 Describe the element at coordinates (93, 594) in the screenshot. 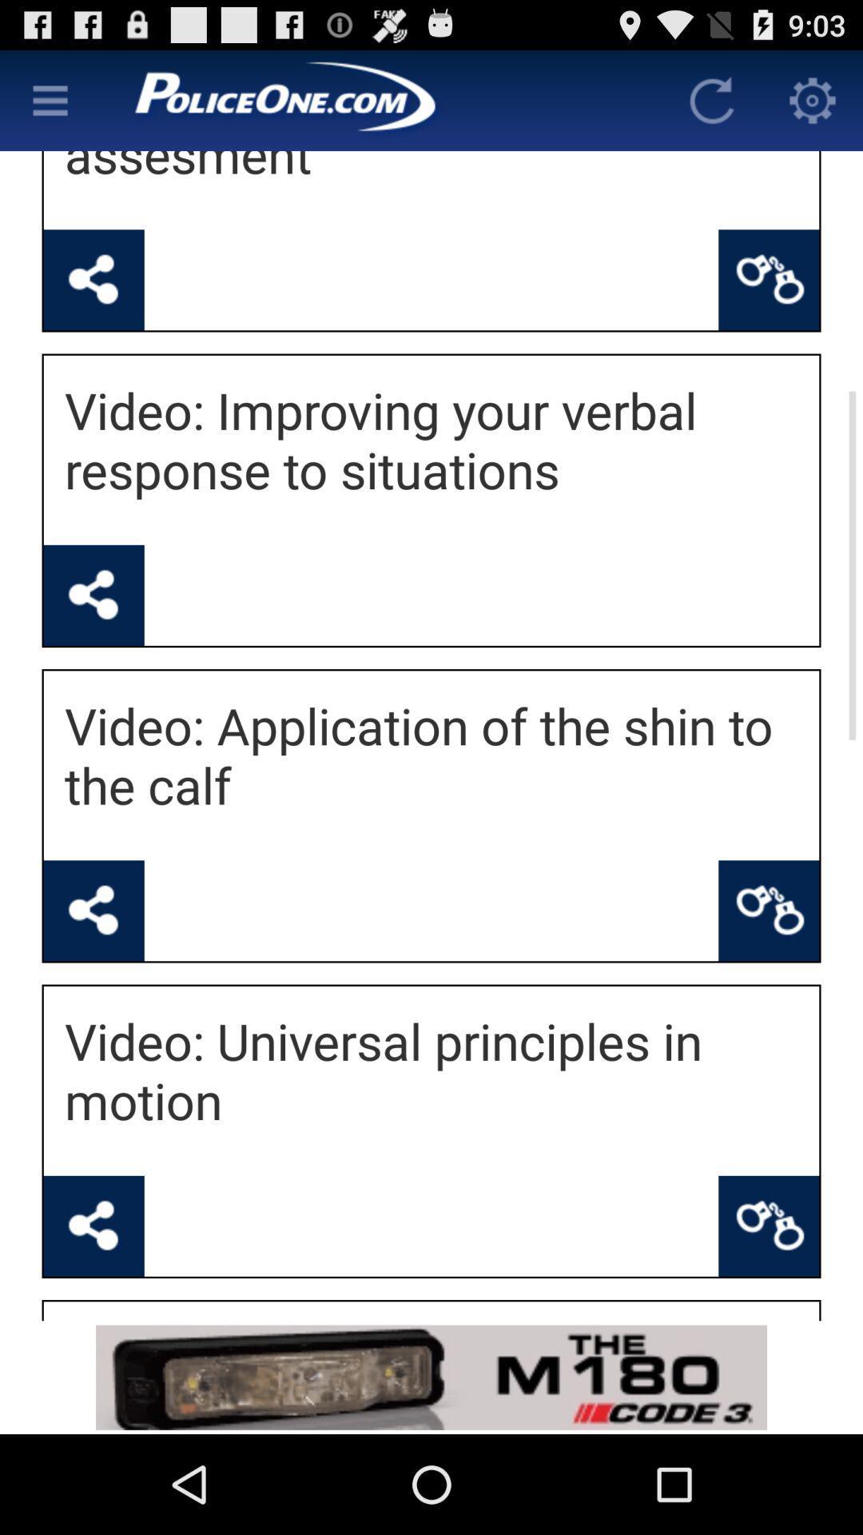

I see `see video` at that location.